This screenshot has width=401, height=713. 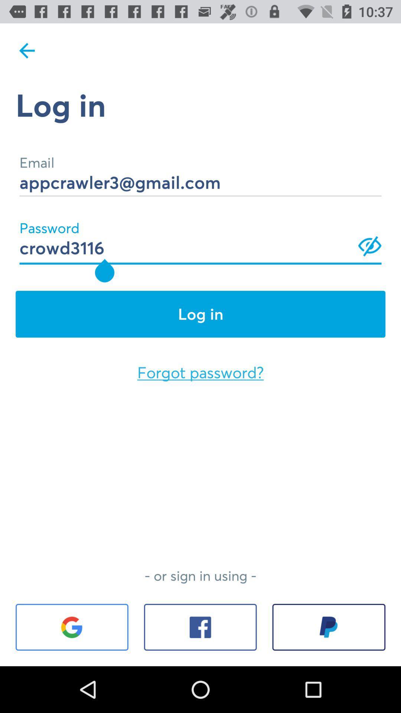 What do you see at coordinates (200, 238) in the screenshot?
I see `crowd3116 icon` at bounding box center [200, 238].